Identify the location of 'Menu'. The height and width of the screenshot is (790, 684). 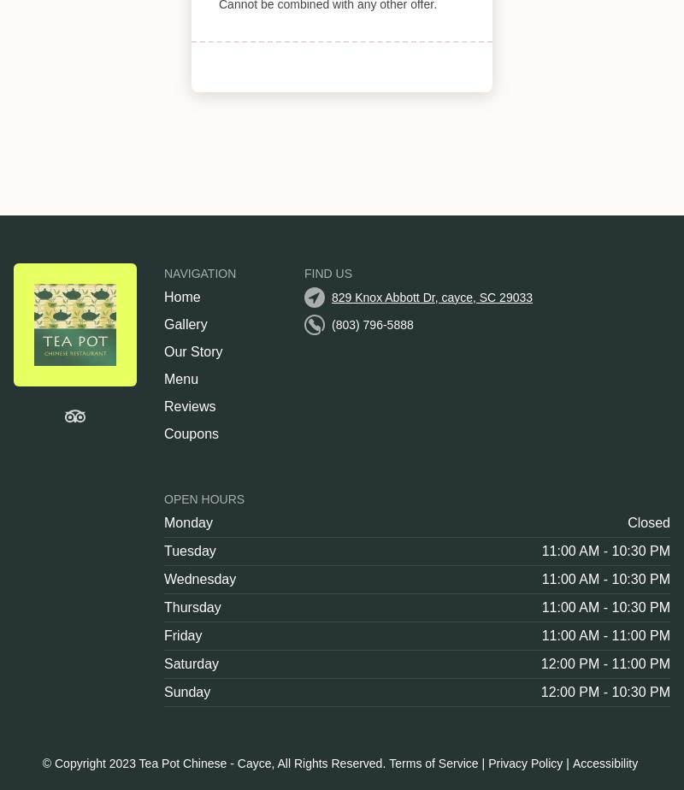
(181, 379).